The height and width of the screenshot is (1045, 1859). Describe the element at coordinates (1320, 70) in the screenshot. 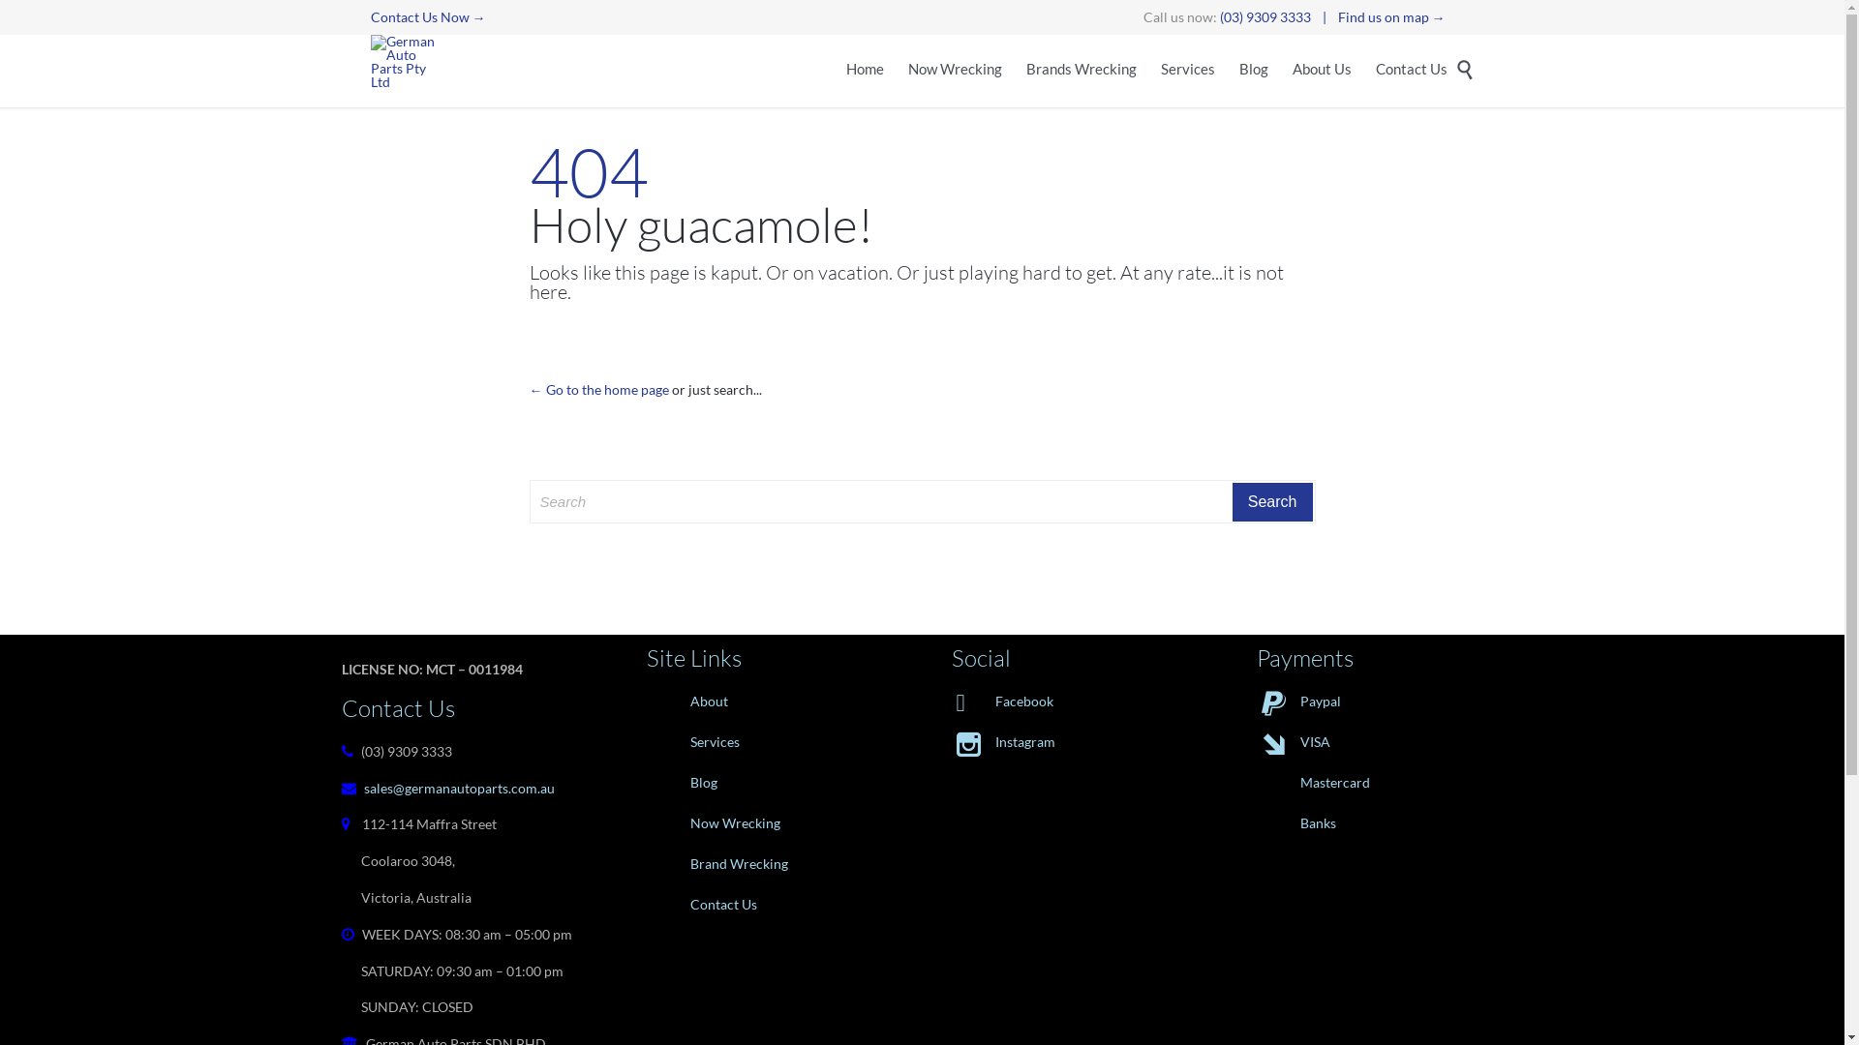

I see `'About Us'` at that location.